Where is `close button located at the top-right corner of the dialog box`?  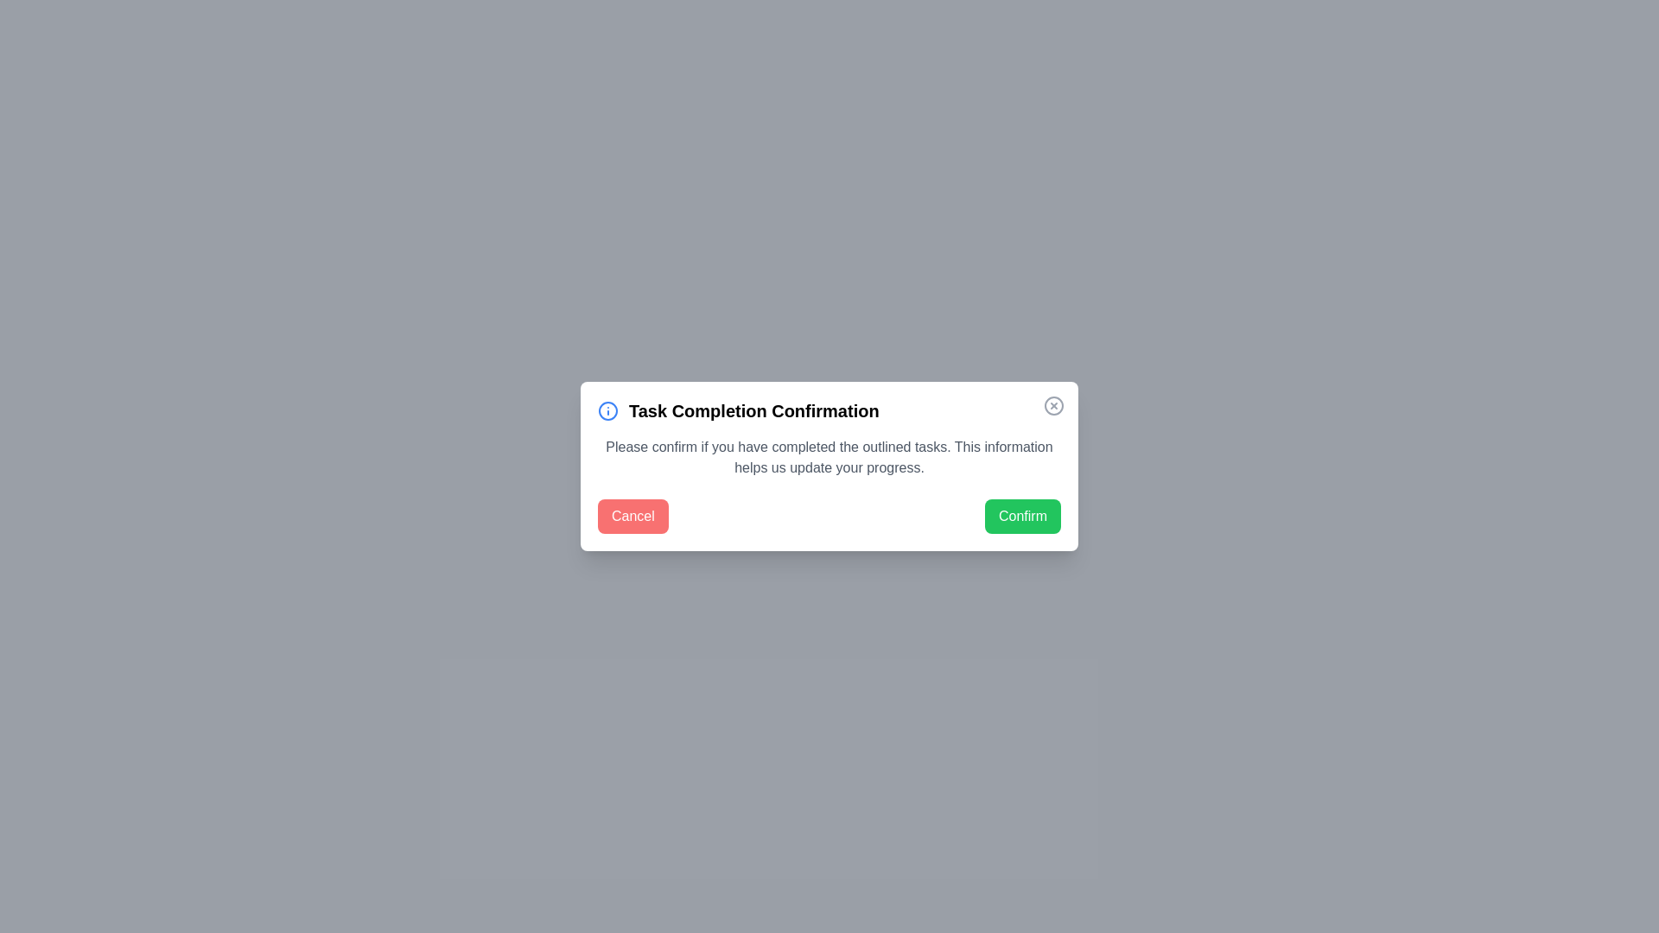
close button located at the top-right corner of the dialog box is located at coordinates (1052, 406).